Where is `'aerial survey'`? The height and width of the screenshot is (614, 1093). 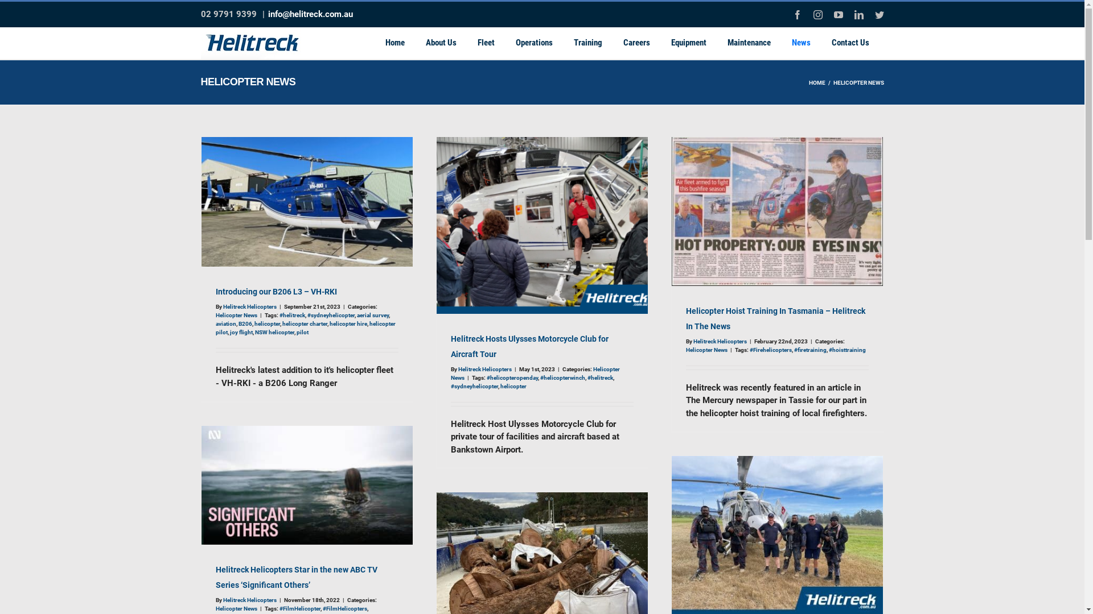 'aerial survey' is located at coordinates (372, 315).